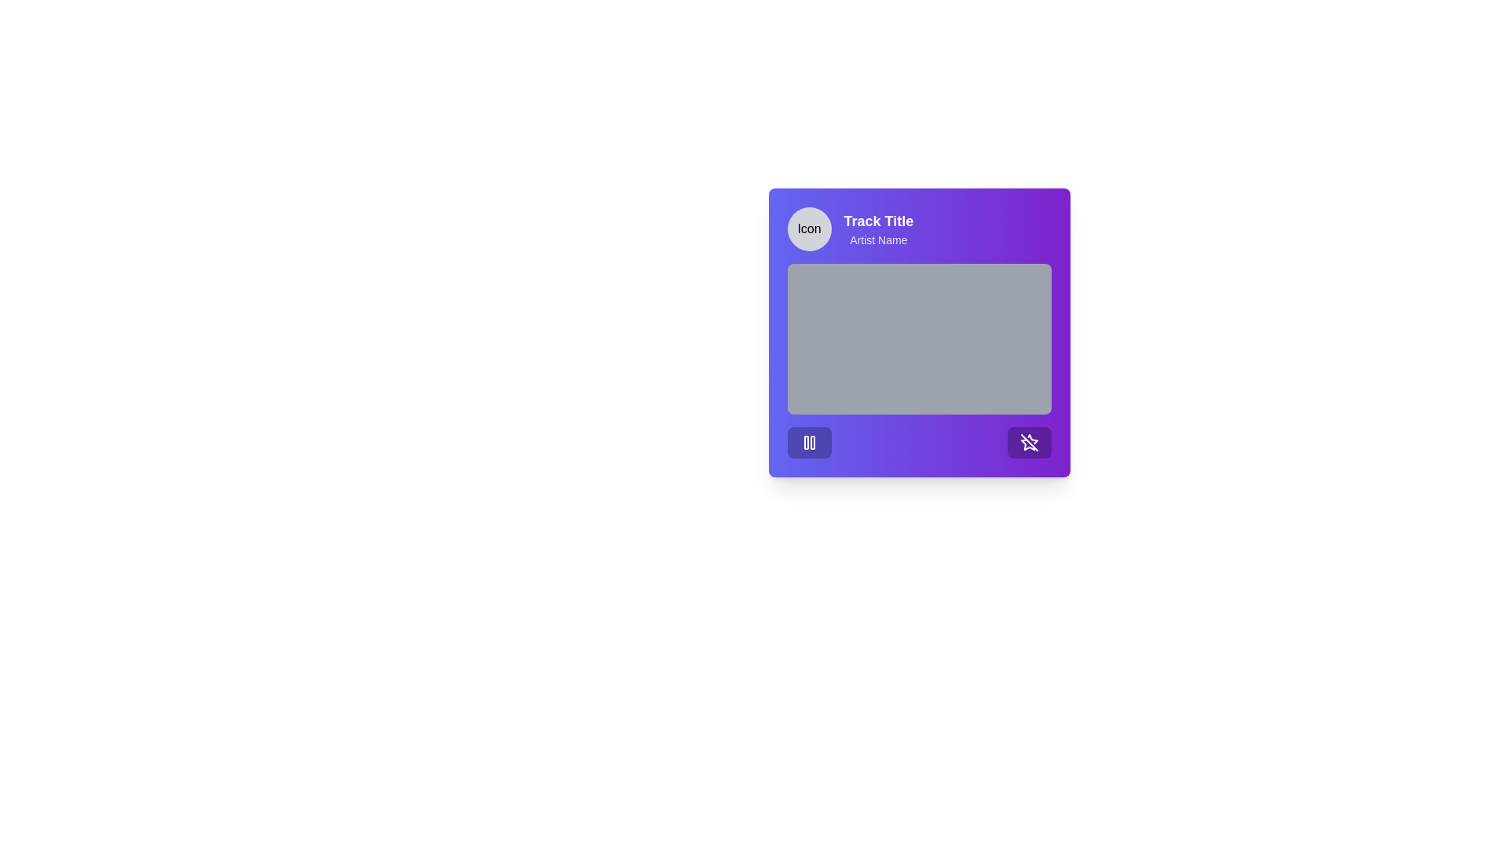 The width and height of the screenshot is (1508, 848). Describe the element at coordinates (877, 229) in the screenshot. I see `the Text block displaying the title and artist name of the media track, which is located to the right of the 'Icon' in the top-left corner of a card component` at that location.